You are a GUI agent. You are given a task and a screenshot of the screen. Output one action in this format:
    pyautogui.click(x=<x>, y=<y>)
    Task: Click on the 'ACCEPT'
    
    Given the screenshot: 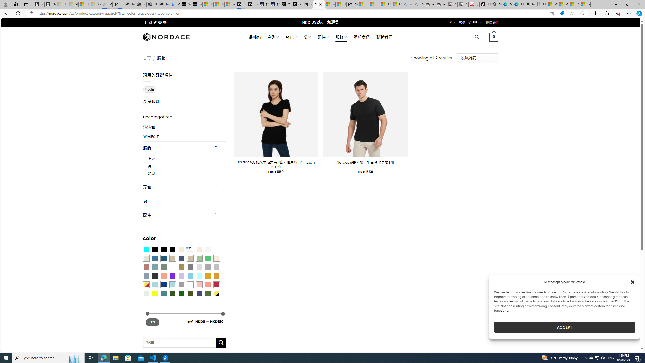 What is the action you would take?
    pyautogui.click(x=565, y=327)
    